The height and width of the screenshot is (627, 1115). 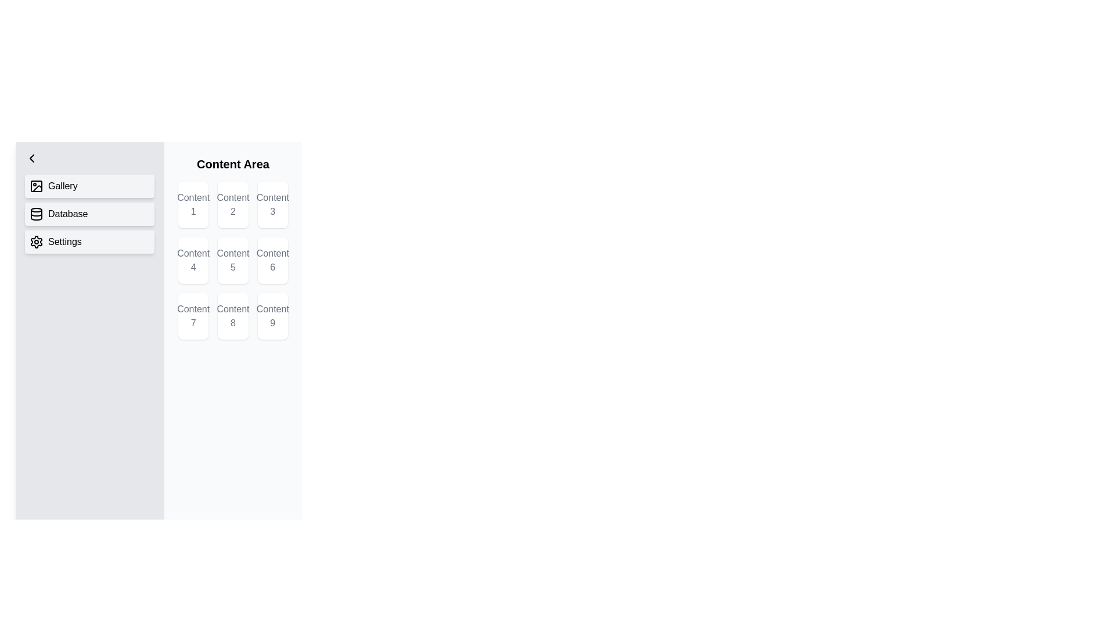 What do you see at coordinates (36, 241) in the screenshot?
I see `the 'Settings' icon located in the left-hand vertical navigation column` at bounding box center [36, 241].